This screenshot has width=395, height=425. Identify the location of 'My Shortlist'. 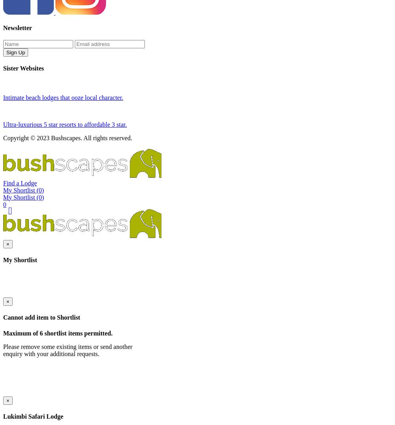
(3, 312).